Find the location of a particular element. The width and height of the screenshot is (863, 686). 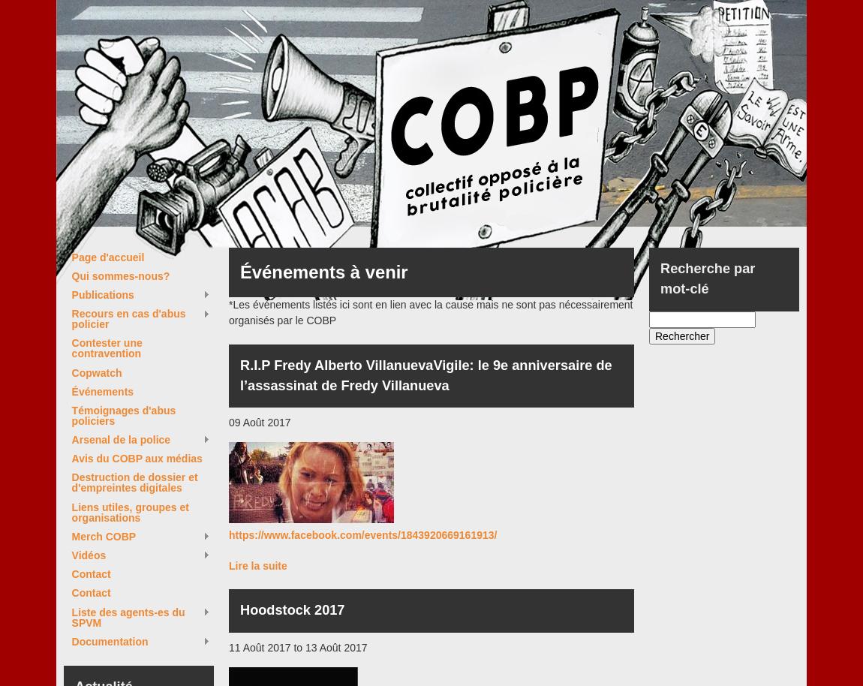

'R.I.P Fredy Alberto Villanueva‎Vigile: le 9e anniversaire de l’assassinat de Fredy Villanueva' is located at coordinates (425, 375).